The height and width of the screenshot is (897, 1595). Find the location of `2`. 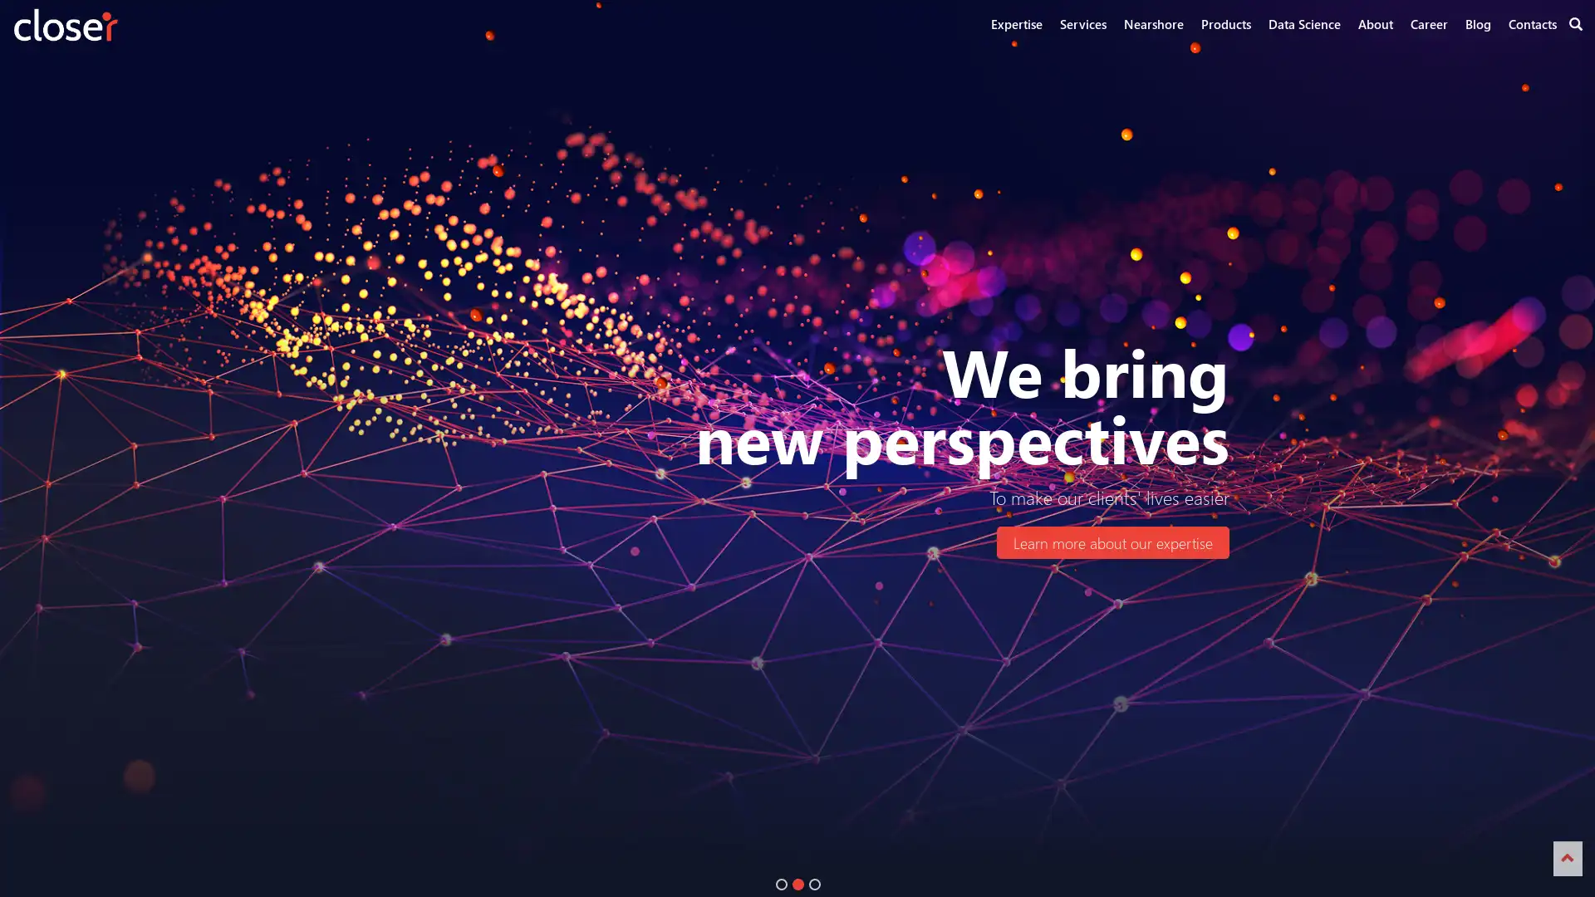

2 is located at coordinates (797, 883).